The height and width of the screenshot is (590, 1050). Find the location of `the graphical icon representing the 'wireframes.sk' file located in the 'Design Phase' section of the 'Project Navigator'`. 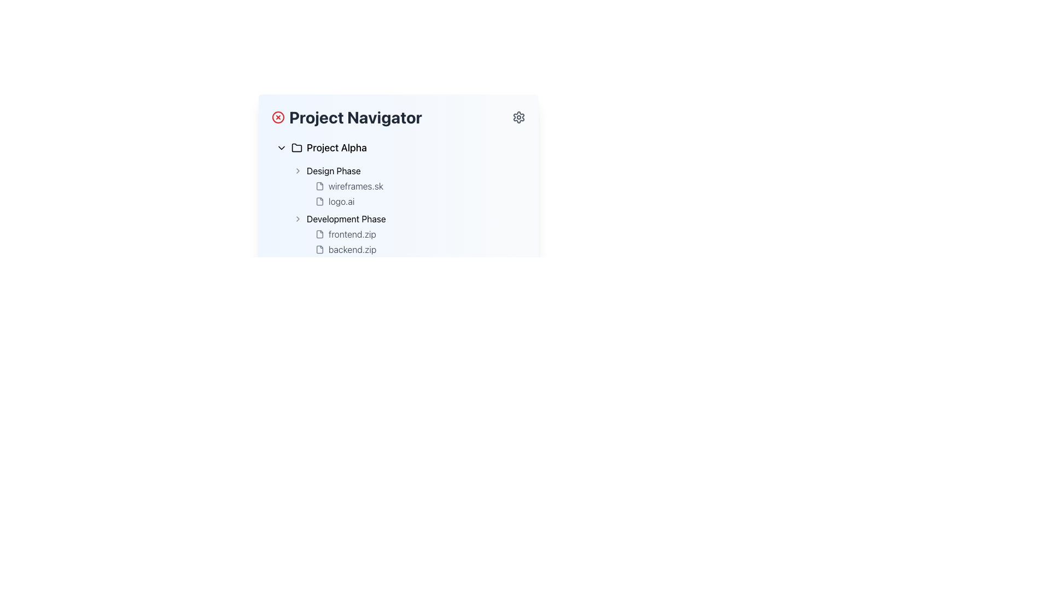

the graphical icon representing the 'wireframes.sk' file located in the 'Design Phase' section of the 'Project Navigator' is located at coordinates (319, 185).